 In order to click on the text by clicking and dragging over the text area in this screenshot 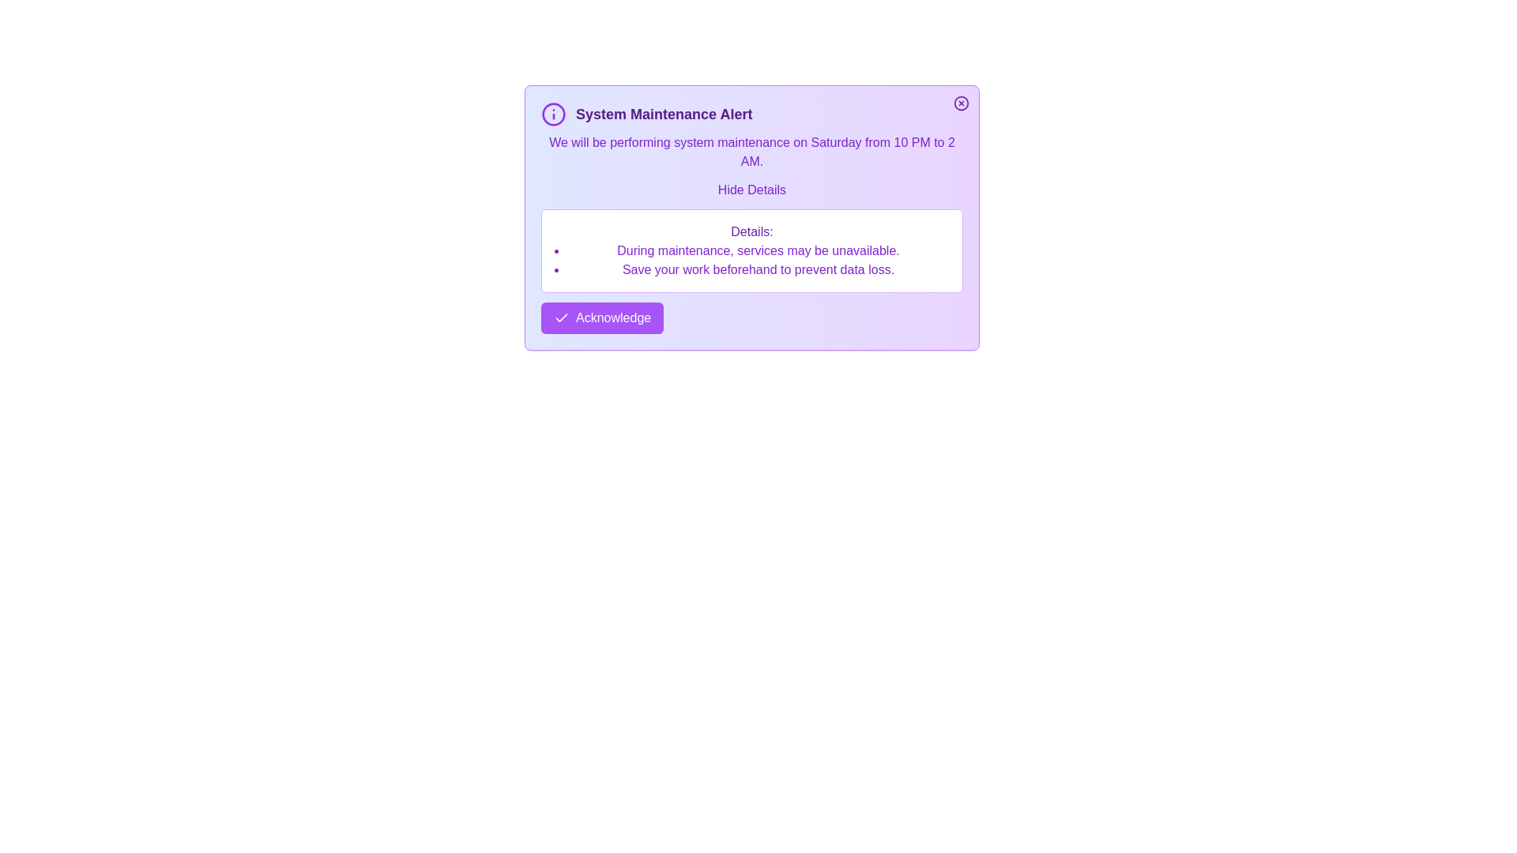, I will do `click(541, 133)`.